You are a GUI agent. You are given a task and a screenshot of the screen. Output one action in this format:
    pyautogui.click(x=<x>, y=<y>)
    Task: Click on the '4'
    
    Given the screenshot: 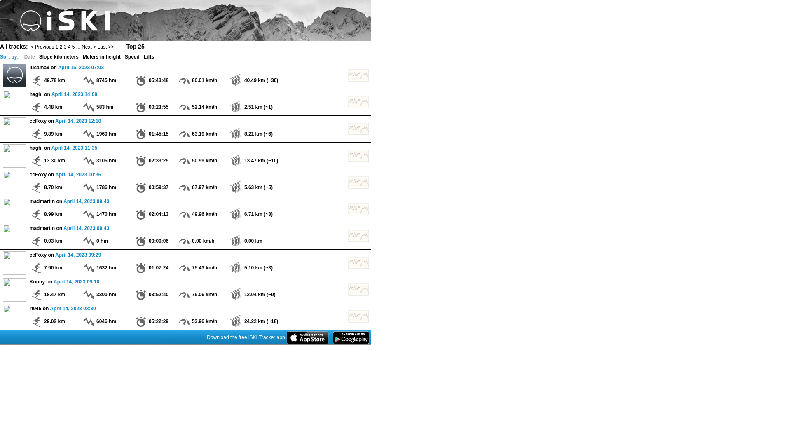 What is the action you would take?
    pyautogui.click(x=68, y=46)
    